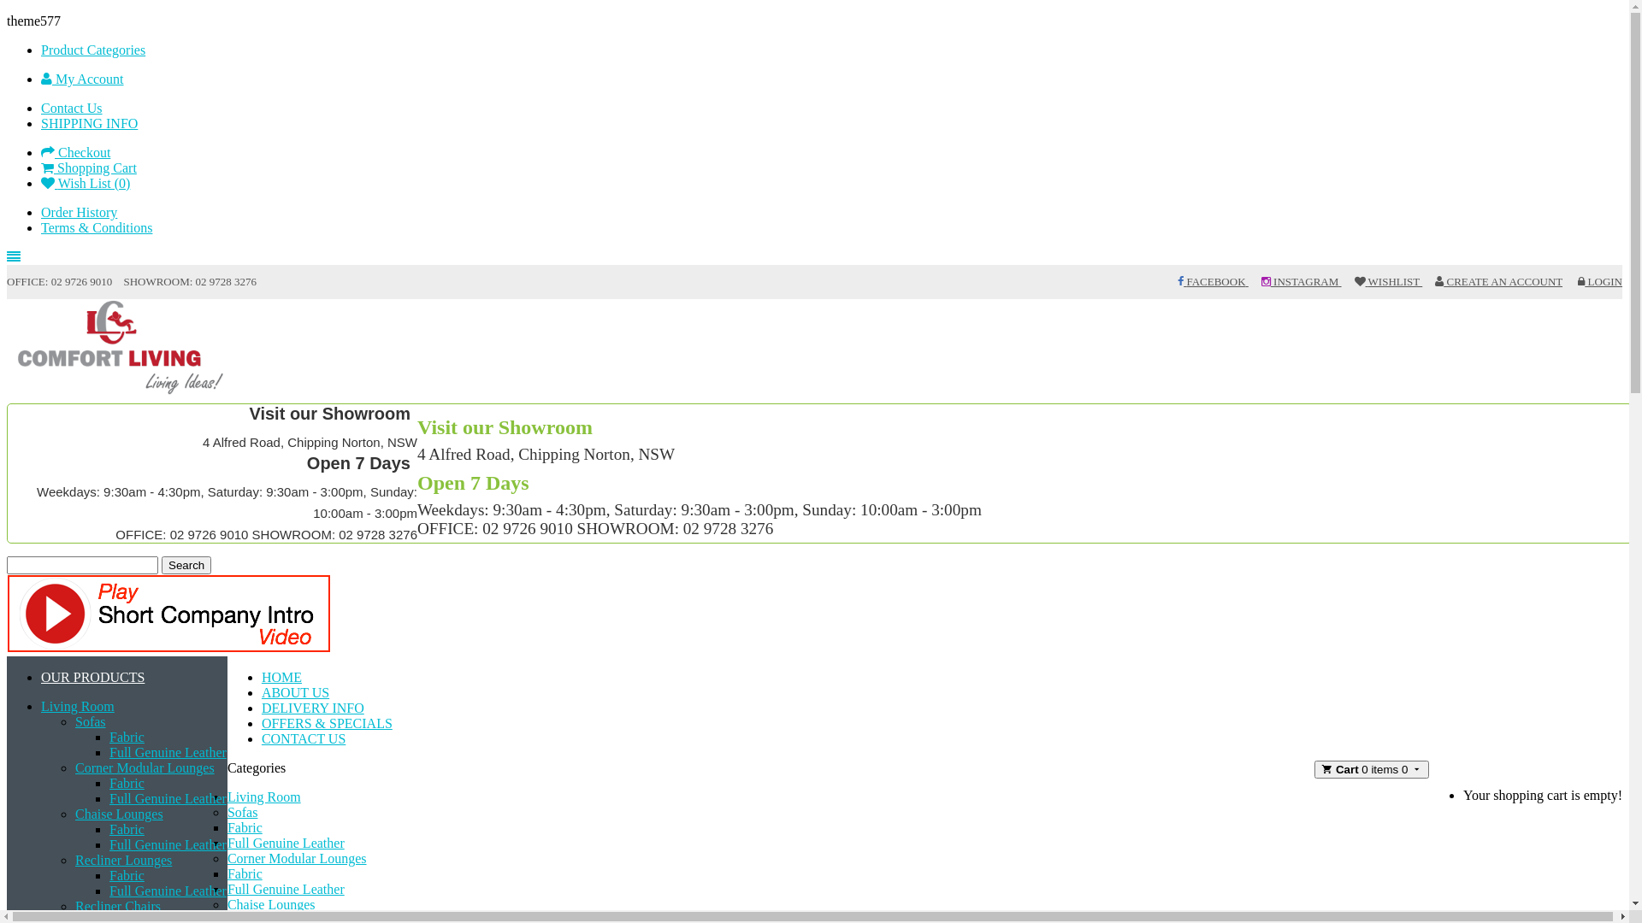  Describe the element at coordinates (89, 721) in the screenshot. I see `'Sofas'` at that location.